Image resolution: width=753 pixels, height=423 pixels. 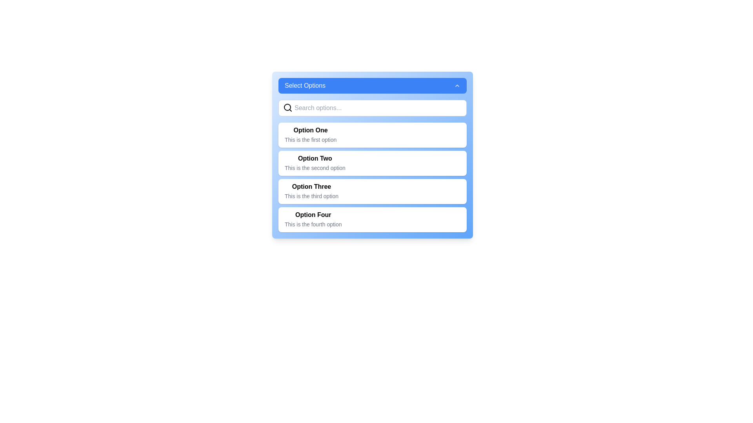 I want to click on the second selectable list item labeled 'Option Two' in the menu located below 'Option One' and above 'Option Three', so click(x=372, y=163).